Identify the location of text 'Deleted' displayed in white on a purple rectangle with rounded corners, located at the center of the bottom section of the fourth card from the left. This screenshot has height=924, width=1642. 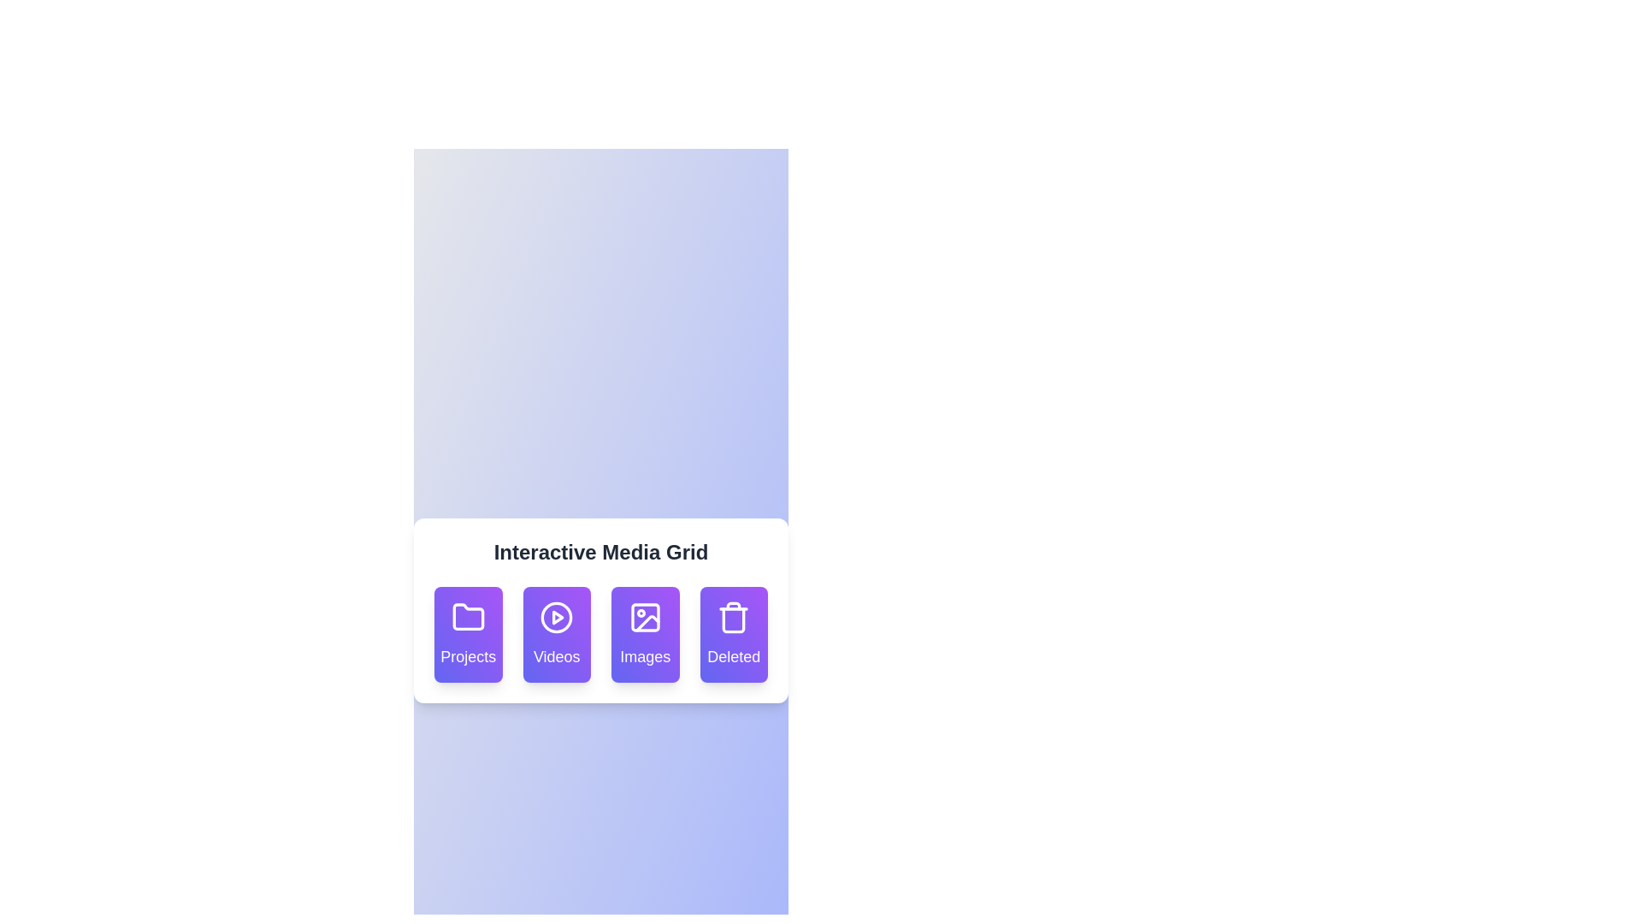
(734, 655).